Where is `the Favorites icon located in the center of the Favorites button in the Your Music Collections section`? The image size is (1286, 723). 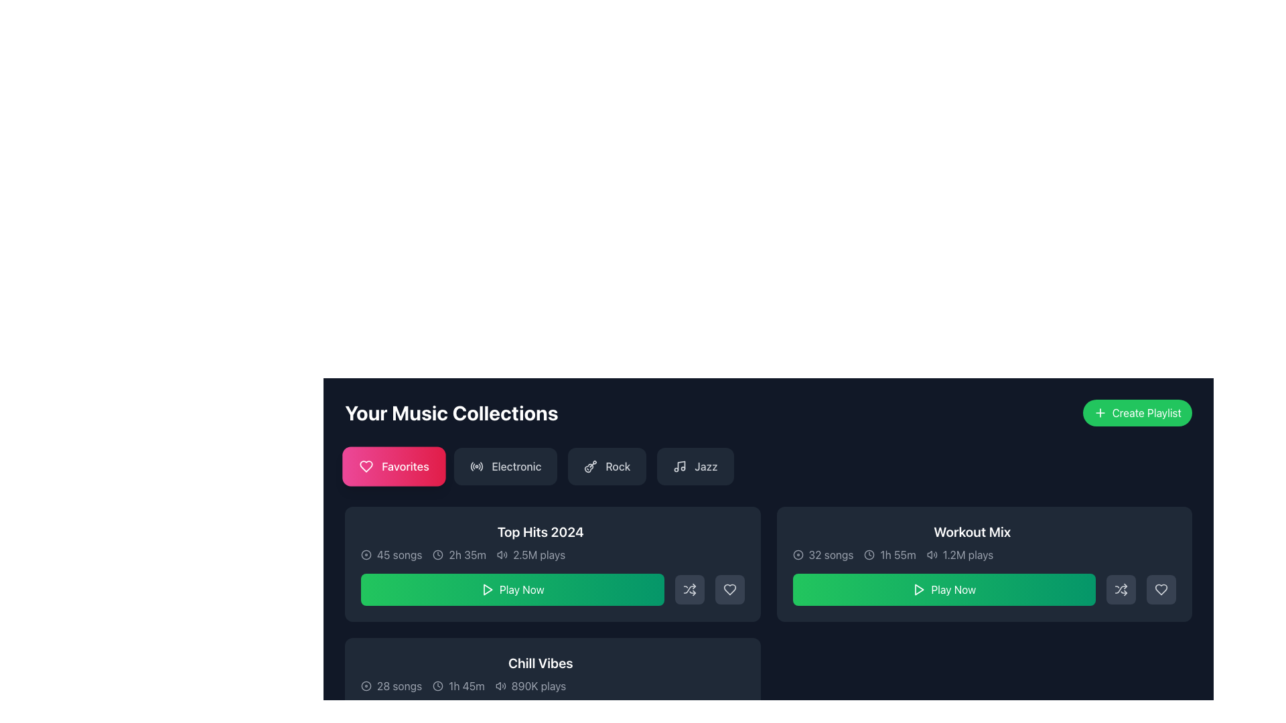
the Favorites icon located in the center of the Favorites button in the Your Music Collections section is located at coordinates (366, 466).